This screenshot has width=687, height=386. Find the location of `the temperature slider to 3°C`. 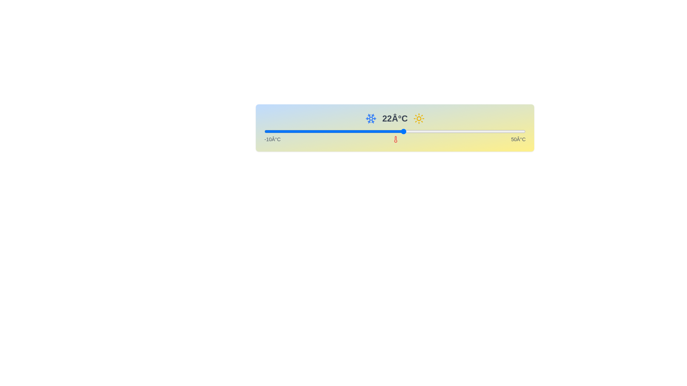

the temperature slider to 3°C is located at coordinates (321, 131).